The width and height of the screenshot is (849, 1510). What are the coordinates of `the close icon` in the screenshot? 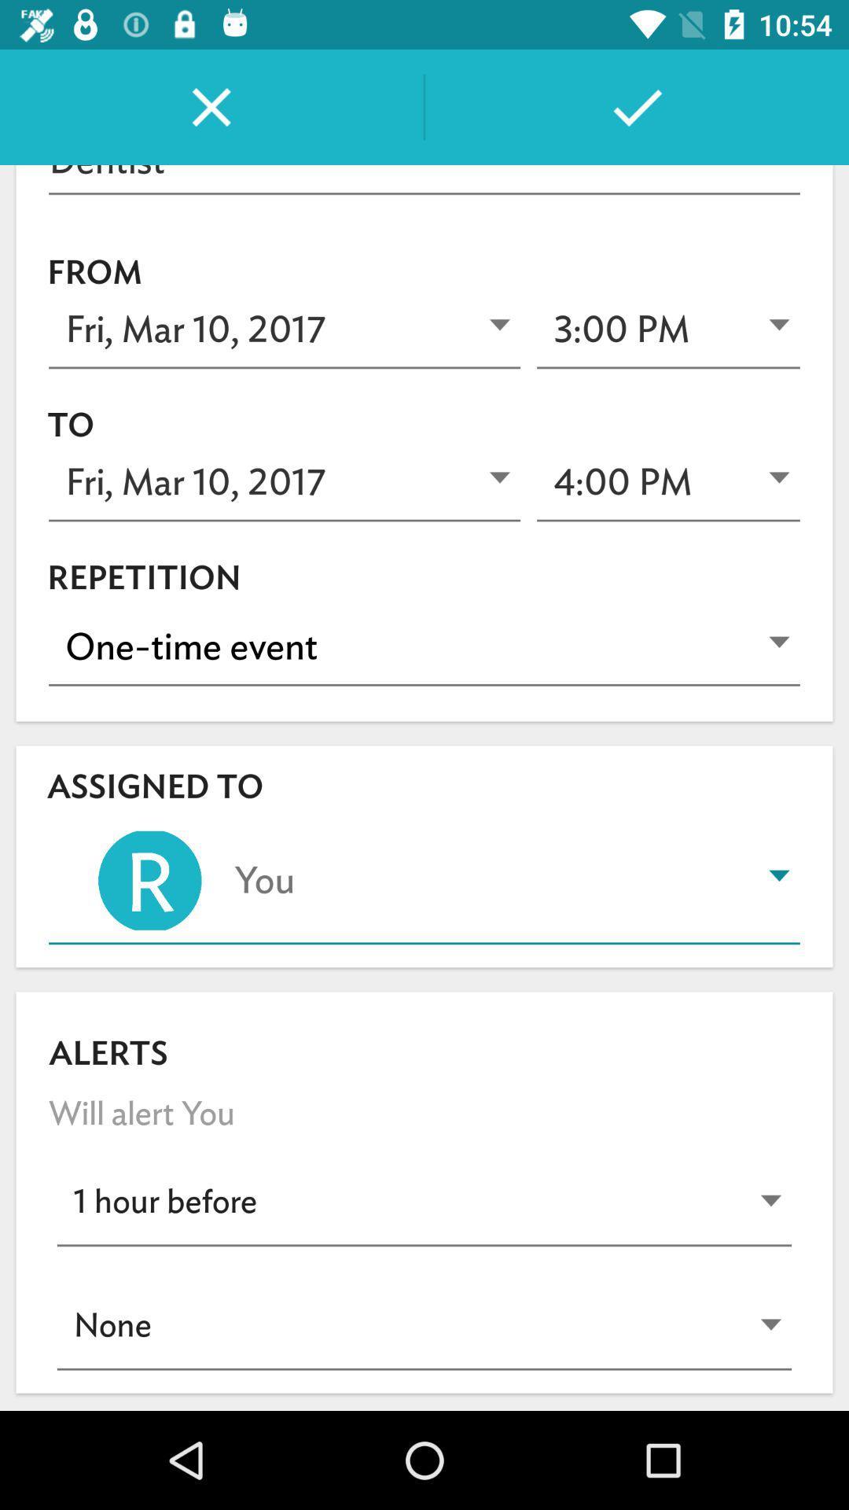 It's located at (211, 106).